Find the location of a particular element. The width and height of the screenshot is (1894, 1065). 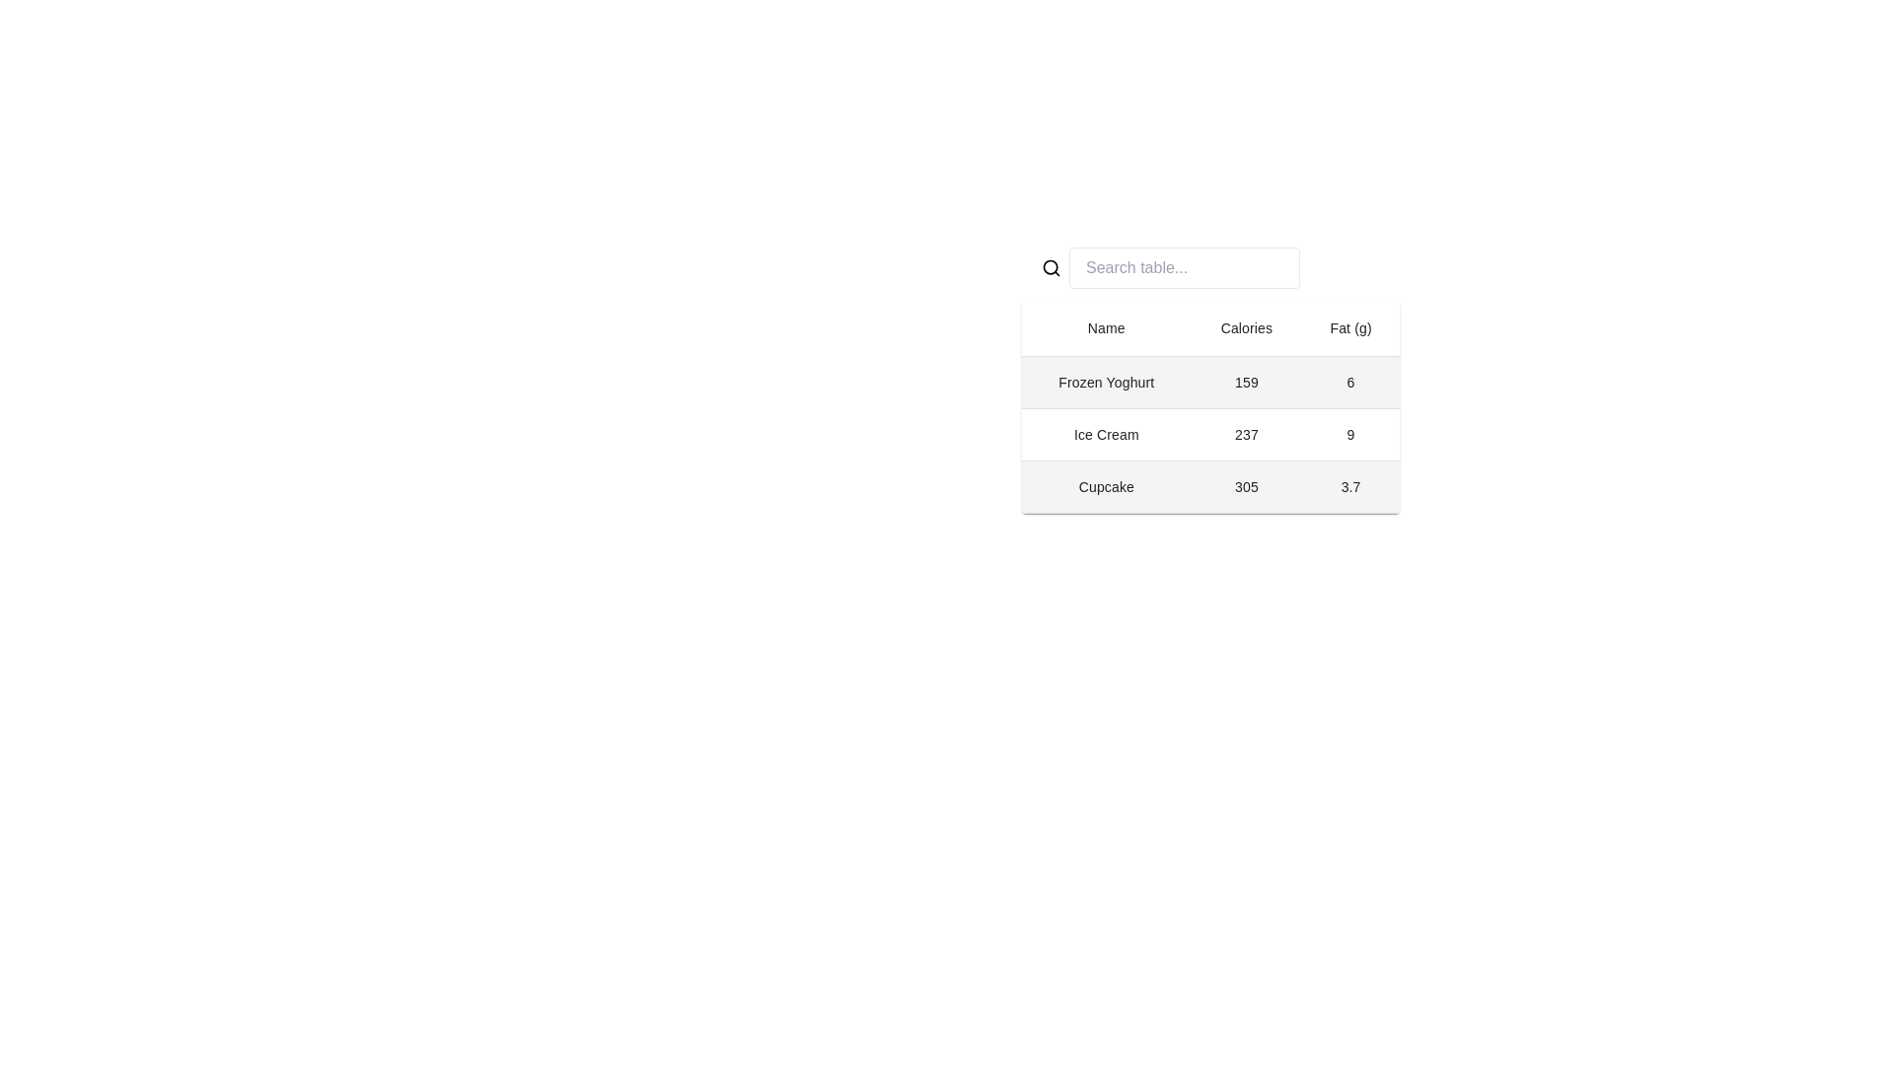

value displayed in the table cell containing '9', which is located in the third column of the second row under the 'Fat (g)' header for the 'Ice Cream' item is located at coordinates (1349, 434).